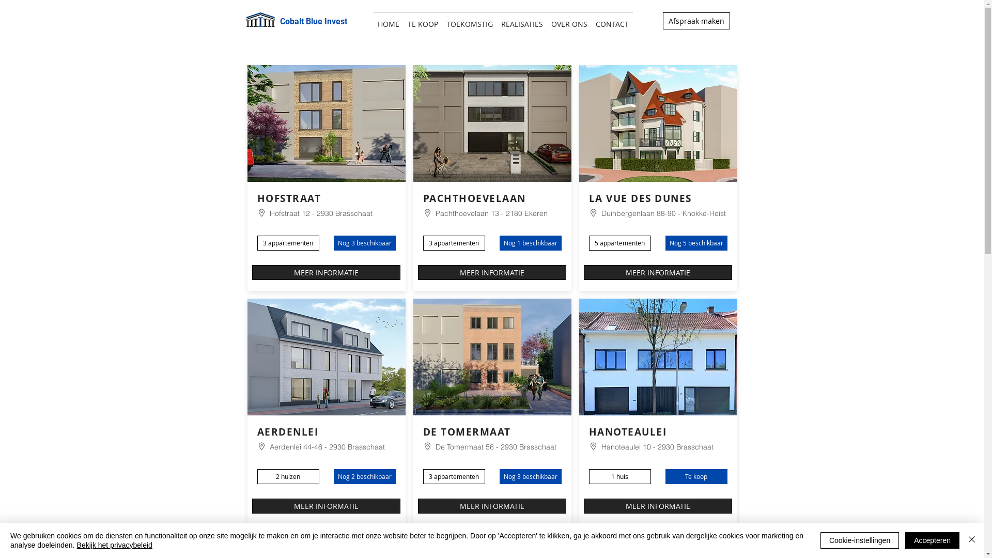 The image size is (992, 558). I want to click on 'REALISATIES', so click(522, 19).